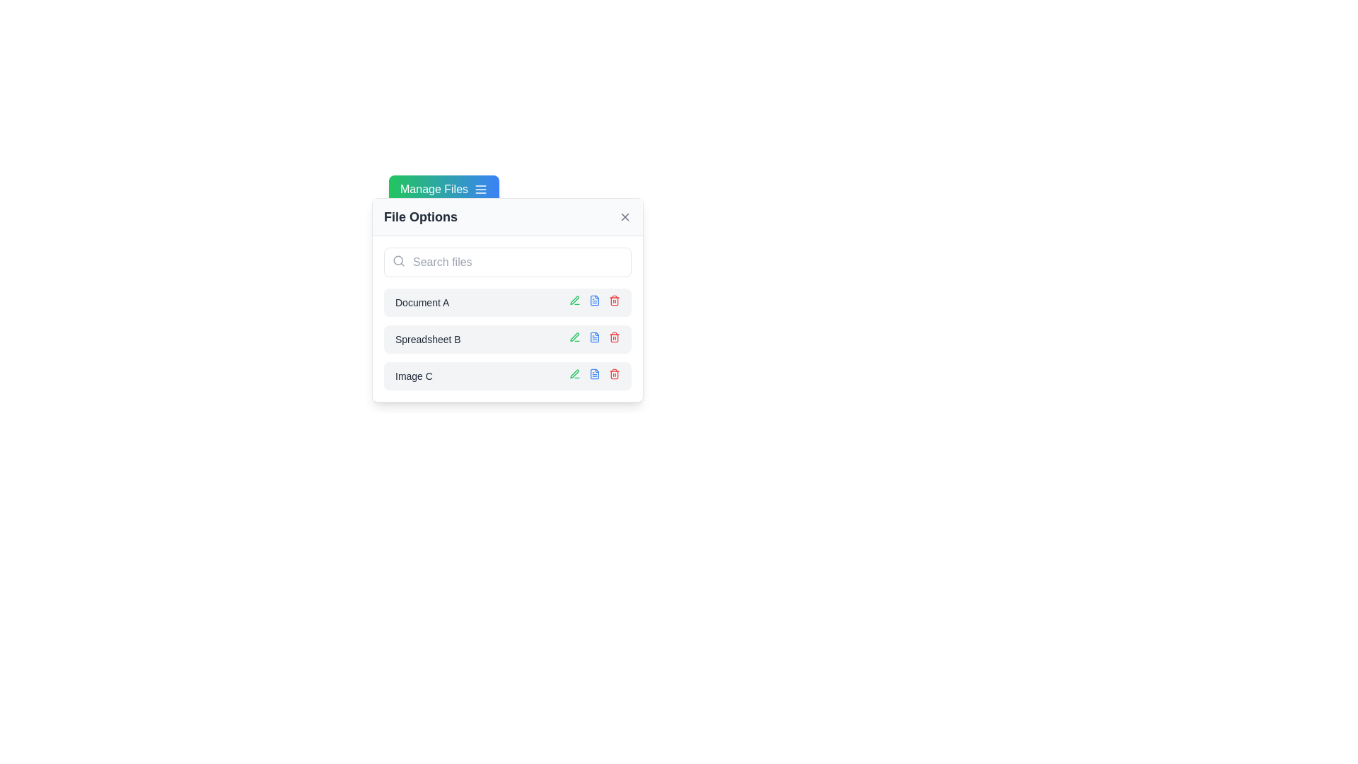 The image size is (1358, 764). I want to click on the first entry in the 'File Options' panel, which is a light gray labeled list item displaying 'Document A' with action buttons for view, edit, and delete, so click(508, 302).